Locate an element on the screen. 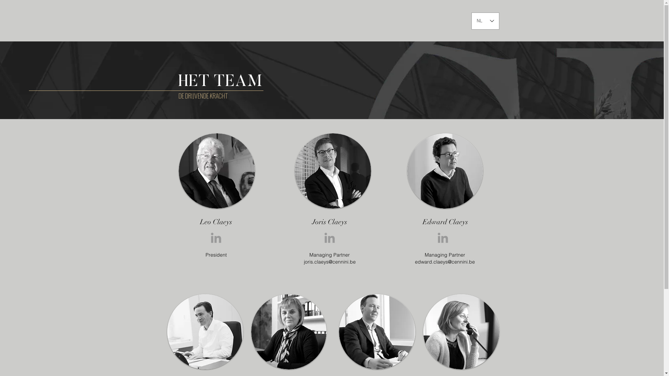  'ACTIVITEITEN' is located at coordinates (400, 20).